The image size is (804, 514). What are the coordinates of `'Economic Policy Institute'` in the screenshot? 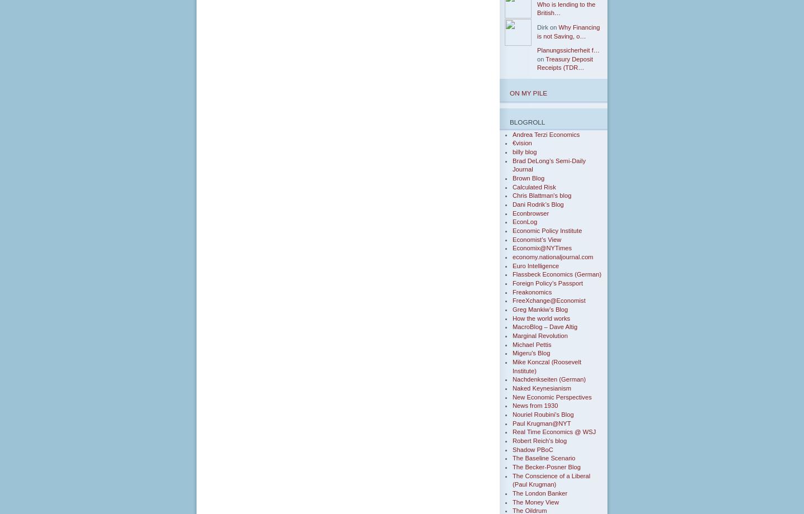 It's located at (547, 229).